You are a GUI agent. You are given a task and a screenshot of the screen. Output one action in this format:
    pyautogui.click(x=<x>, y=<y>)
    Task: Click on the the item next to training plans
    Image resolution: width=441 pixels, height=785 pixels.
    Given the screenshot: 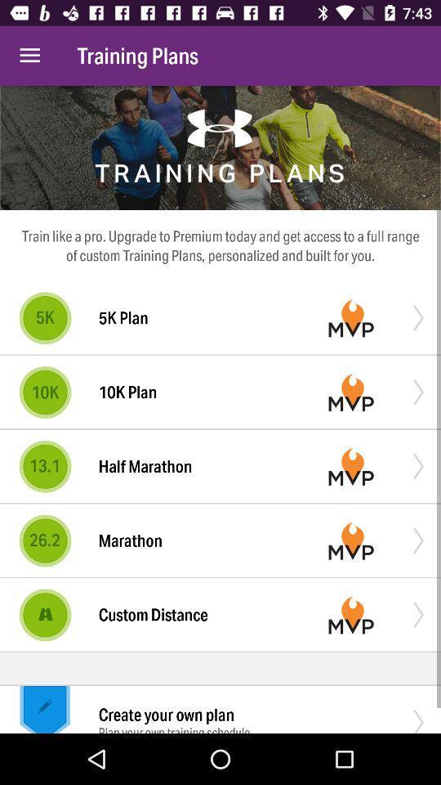 What is the action you would take?
    pyautogui.click(x=29, y=56)
    